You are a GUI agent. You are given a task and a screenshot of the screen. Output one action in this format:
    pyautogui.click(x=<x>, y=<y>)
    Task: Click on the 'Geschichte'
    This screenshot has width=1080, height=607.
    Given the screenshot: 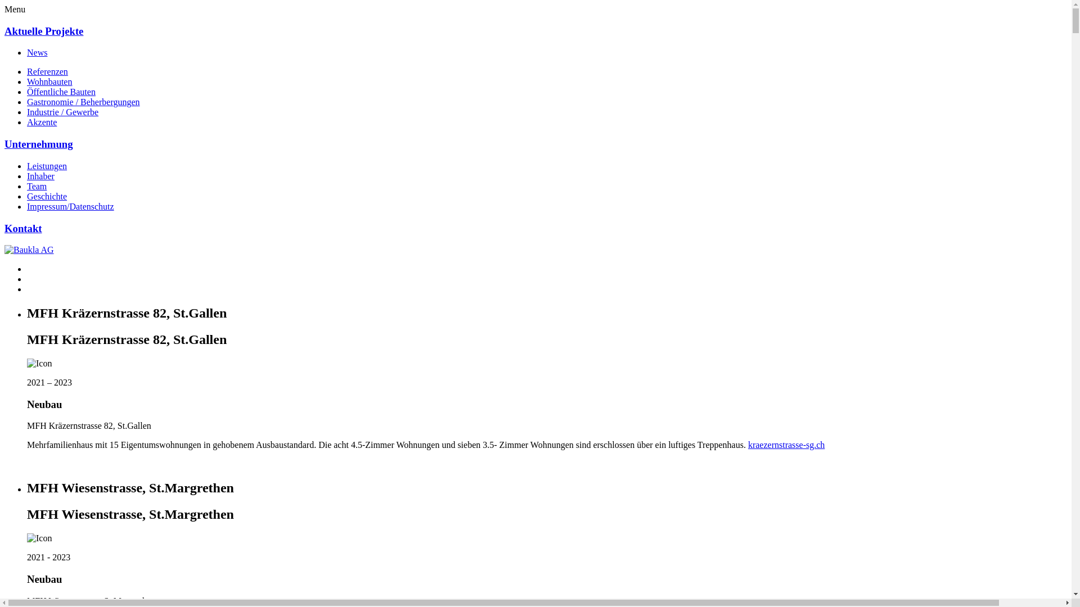 What is the action you would take?
    pyautogui.click(x=46, y=196)
    